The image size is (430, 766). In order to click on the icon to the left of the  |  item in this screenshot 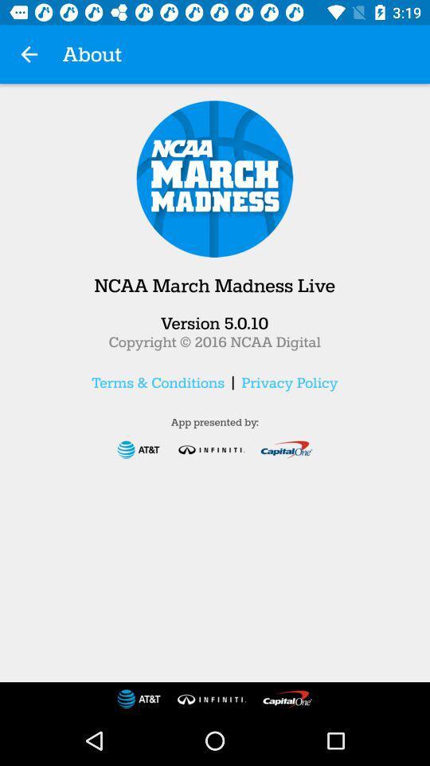, I will do `click(158, 382)`.